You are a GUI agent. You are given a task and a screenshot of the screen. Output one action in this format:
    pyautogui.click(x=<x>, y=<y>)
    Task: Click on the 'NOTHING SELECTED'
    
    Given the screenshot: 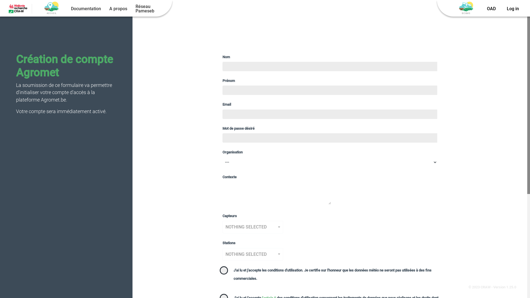 What is the action you would take?
    pyautogui.click(x=253, y=227)
    